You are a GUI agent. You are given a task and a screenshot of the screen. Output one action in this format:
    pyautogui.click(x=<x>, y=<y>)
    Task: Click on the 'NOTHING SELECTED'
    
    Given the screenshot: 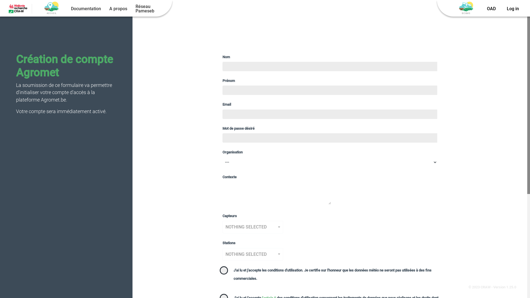 What is the action you would take?
    pyautogui.click(x=253, y=227)
    